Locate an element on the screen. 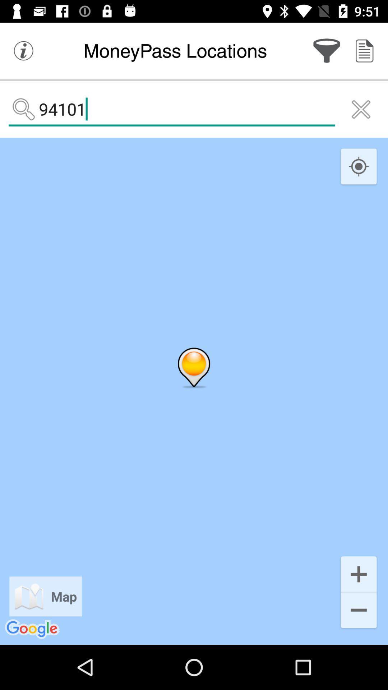  the add icon is located at coordinates (359, 573).